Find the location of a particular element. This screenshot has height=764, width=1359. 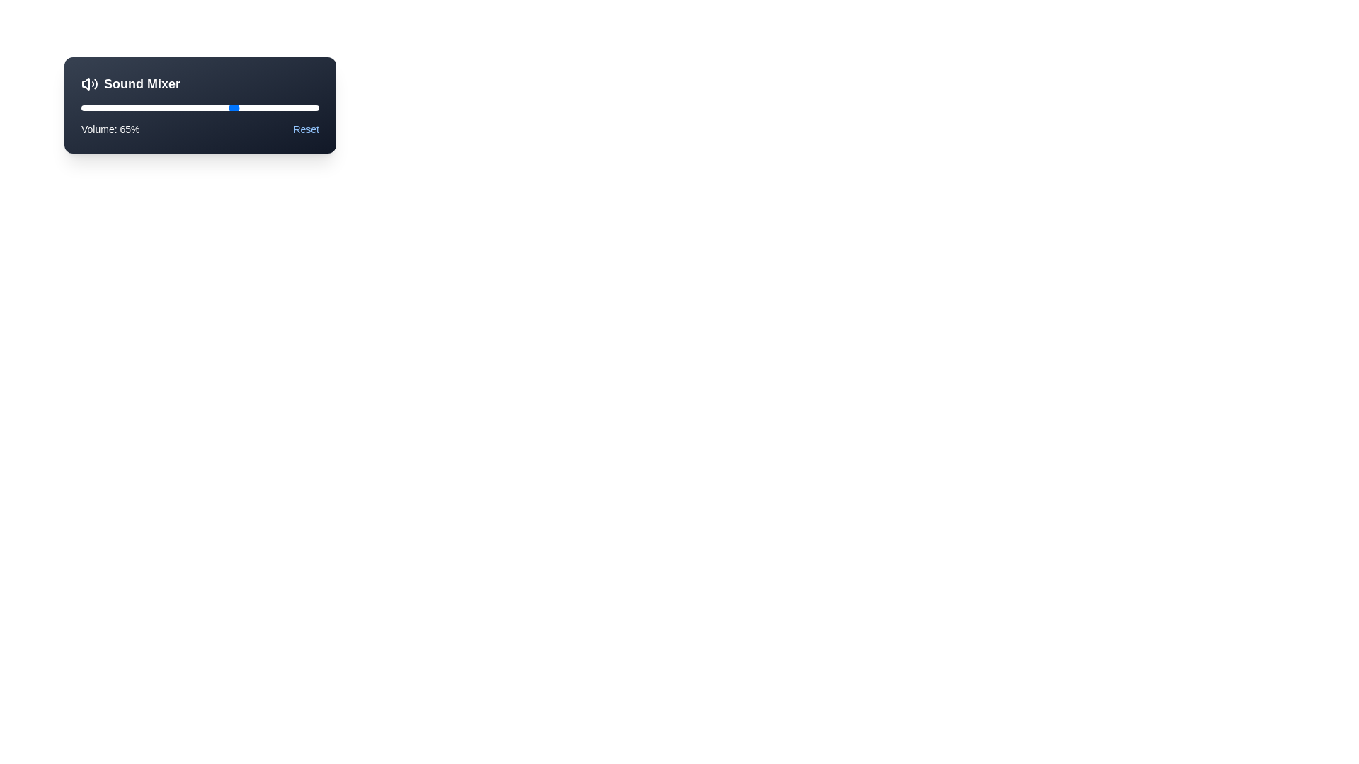

the slider to set the volume to 84% is located at coordinates (281, 108).